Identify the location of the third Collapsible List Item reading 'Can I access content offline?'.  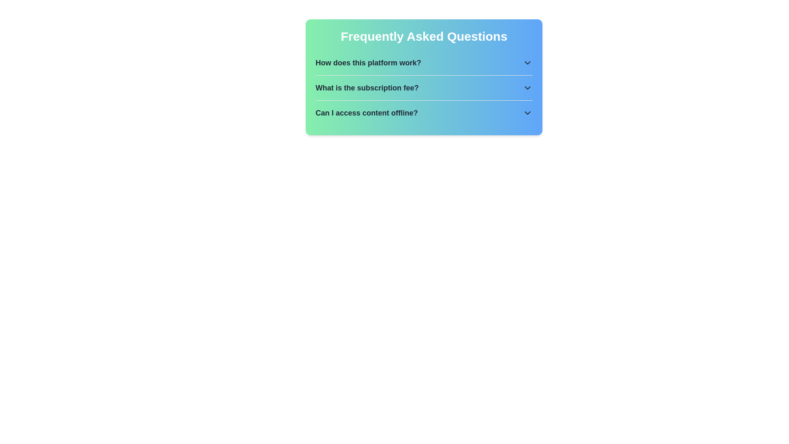
(424, 113).